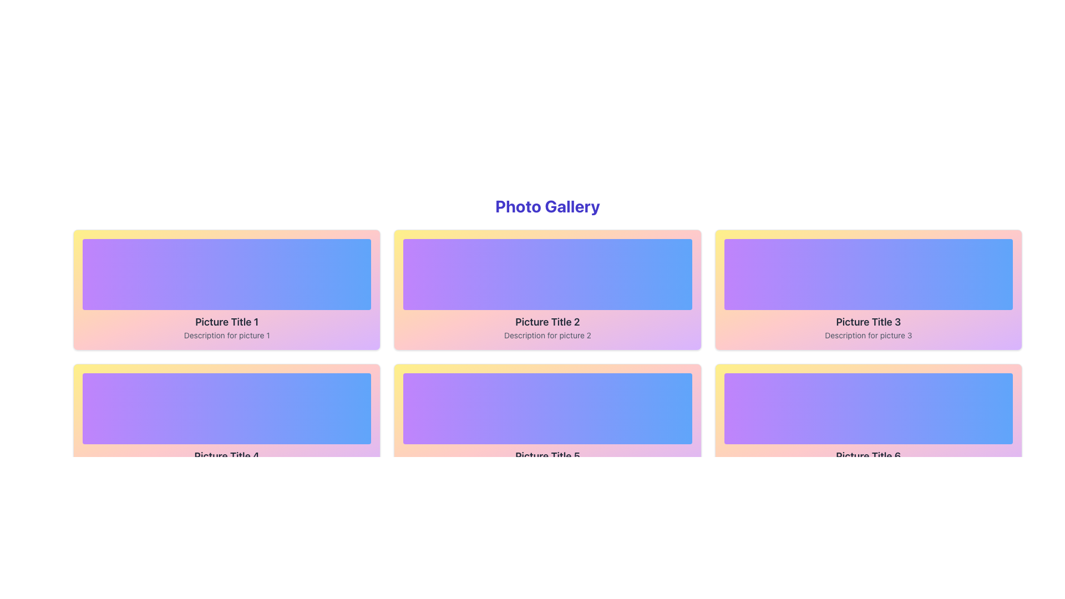  What do you see at coordinates (591, 510) in the screenshot?
I see `the navigational button located at the footer to move to the next page in the list or gallery` at bounding box center [591, 510].